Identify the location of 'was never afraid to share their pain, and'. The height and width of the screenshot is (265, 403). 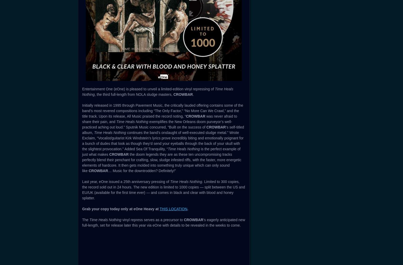
(159, 119).